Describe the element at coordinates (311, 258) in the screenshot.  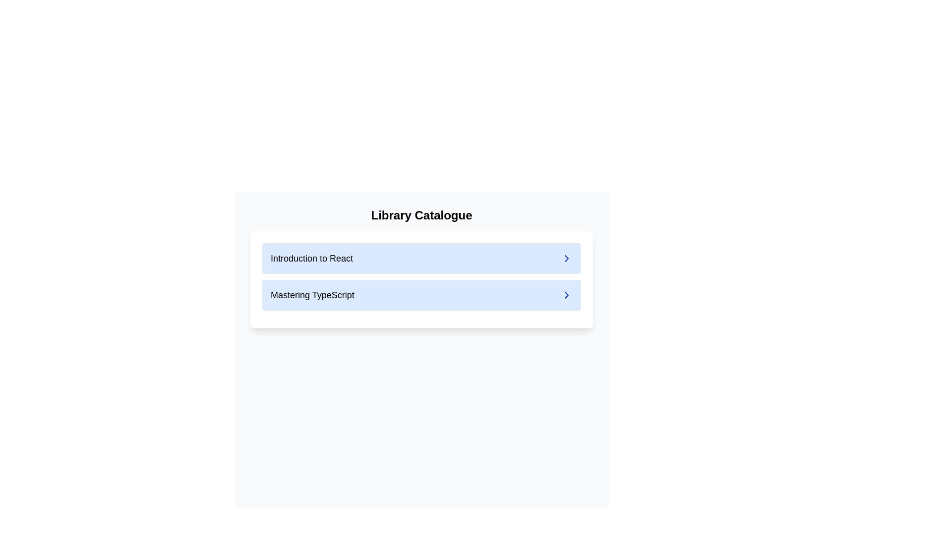
I see `the text titled 'Introduction to React'` at that location.